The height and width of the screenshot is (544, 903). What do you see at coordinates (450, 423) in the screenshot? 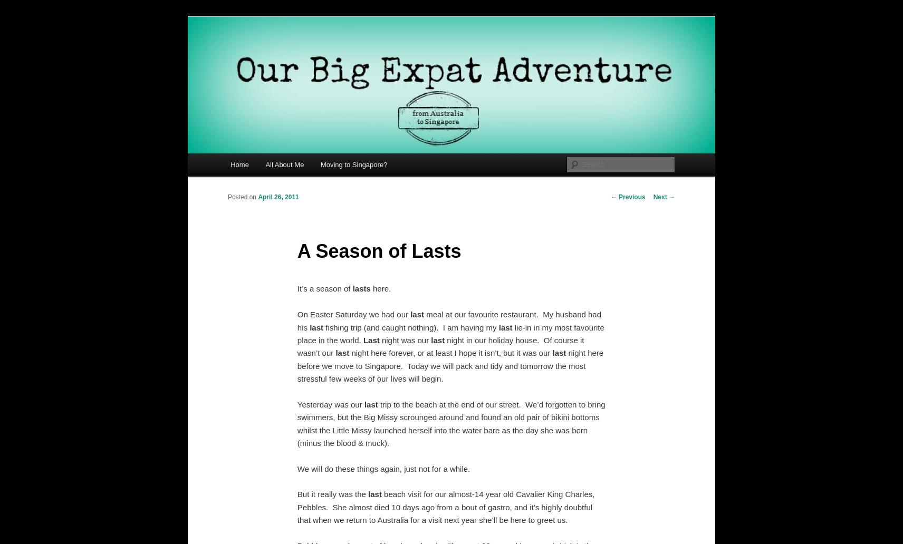
I see `'trip to the beach at the end of our street.  We’d forgotten to bring swimmers, but the Big Missy scrounged around and found an old pair of bikini bottoms whilst the Little Missy launched herself into the water bare as the day she was born (minus the blood & muck).'` at bounding box center [450, 423].